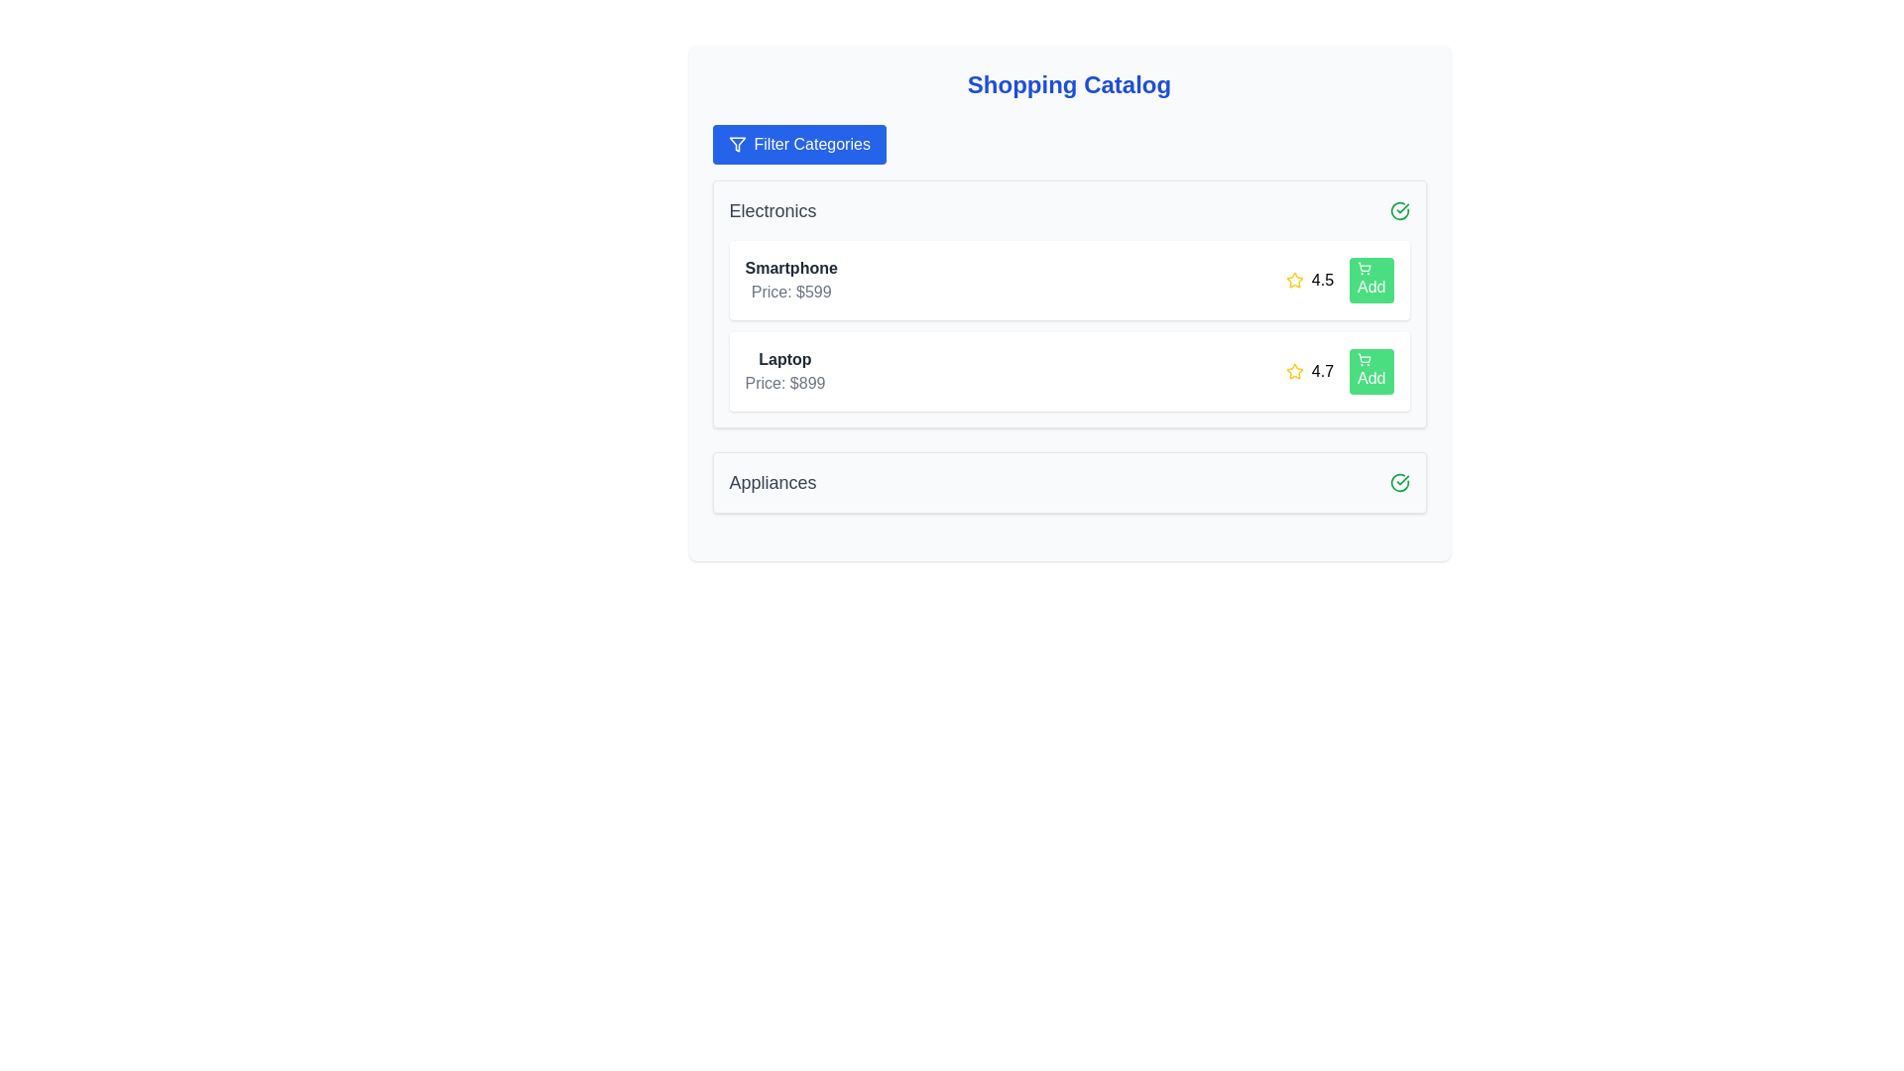  What do you see at coordinates (1345, 280) in the screenshot?
I see `the rating of the selected product to 5 stars` at bounding box center [1345, 280].